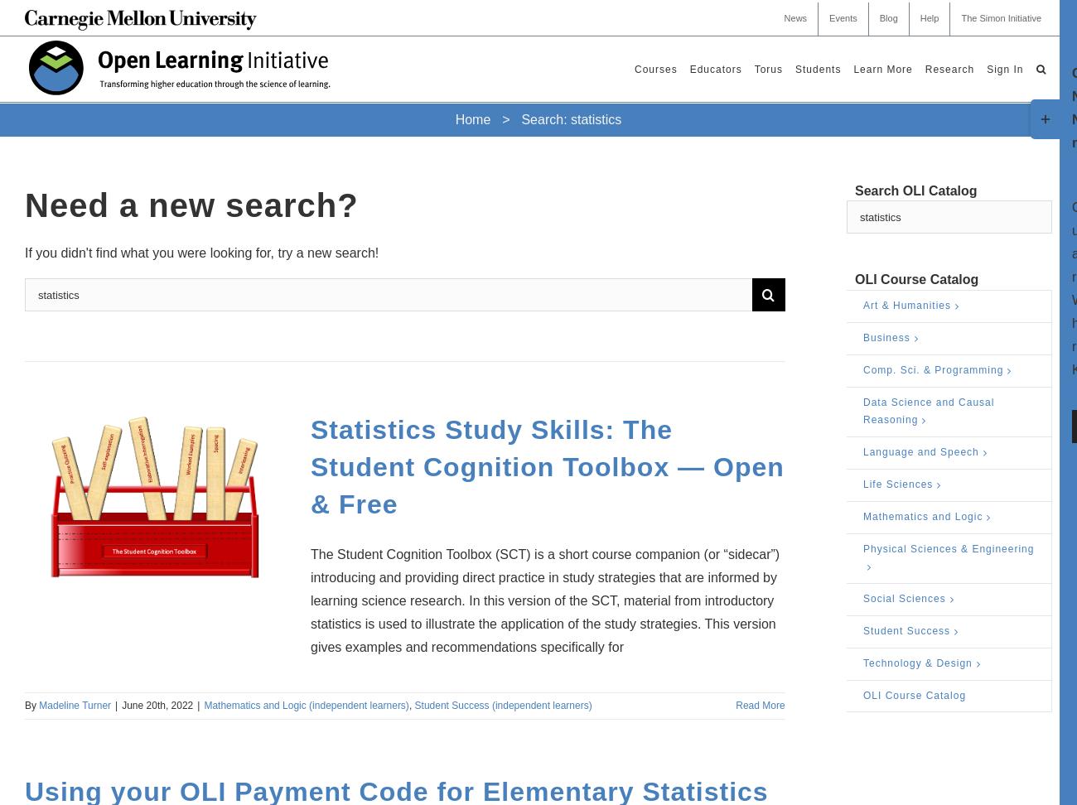 This screenshot has width=1077, height=805. What do you see at coordinates (873, 157) in the screenshot?
I see `'Learn How OLI Helps Students'` at bounding box center [873, 157].